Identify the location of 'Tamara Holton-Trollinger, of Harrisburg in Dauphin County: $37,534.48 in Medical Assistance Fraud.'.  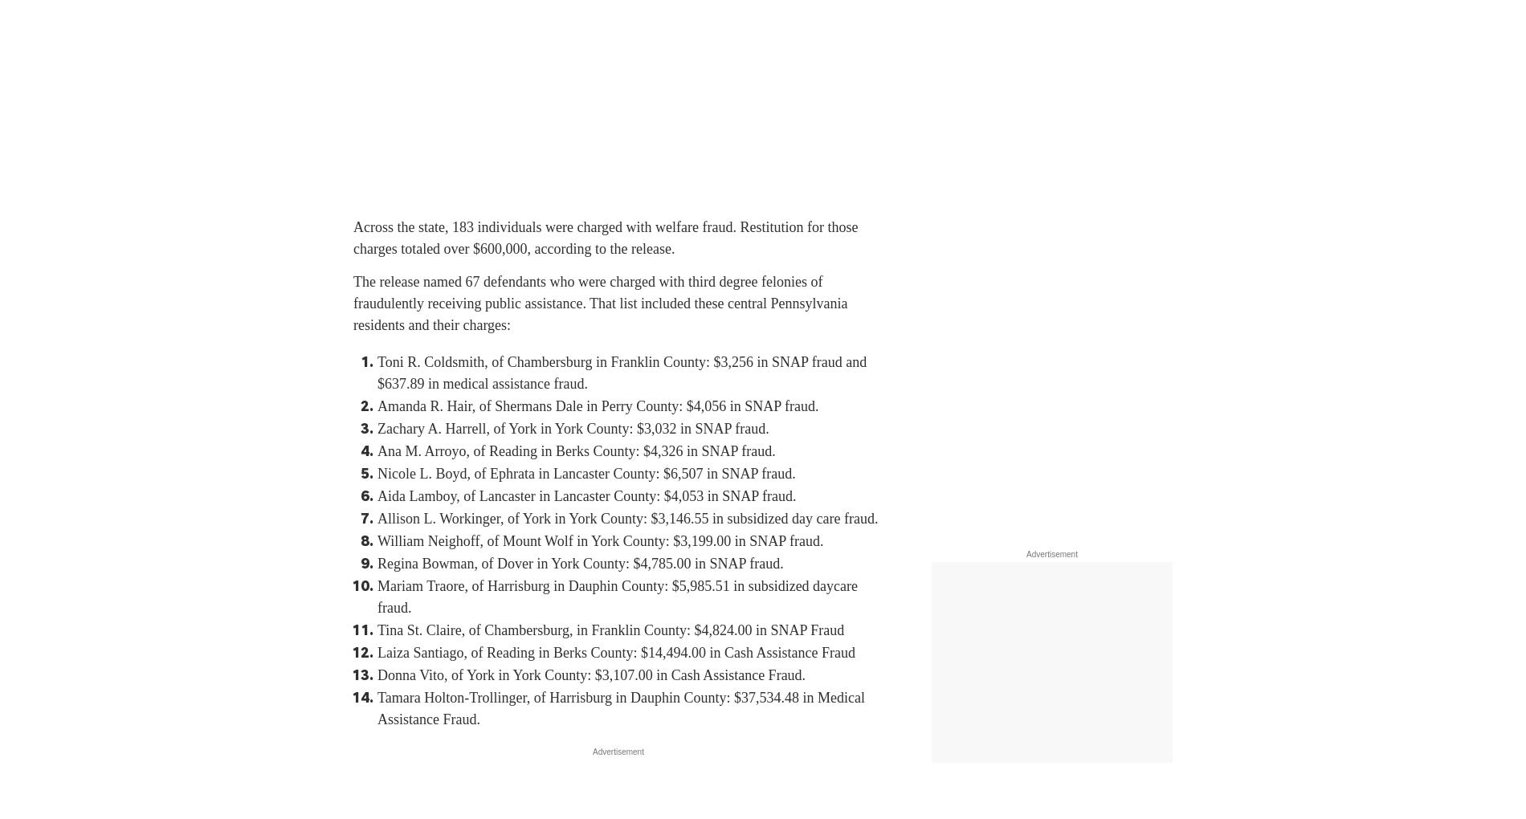
(619, 707).